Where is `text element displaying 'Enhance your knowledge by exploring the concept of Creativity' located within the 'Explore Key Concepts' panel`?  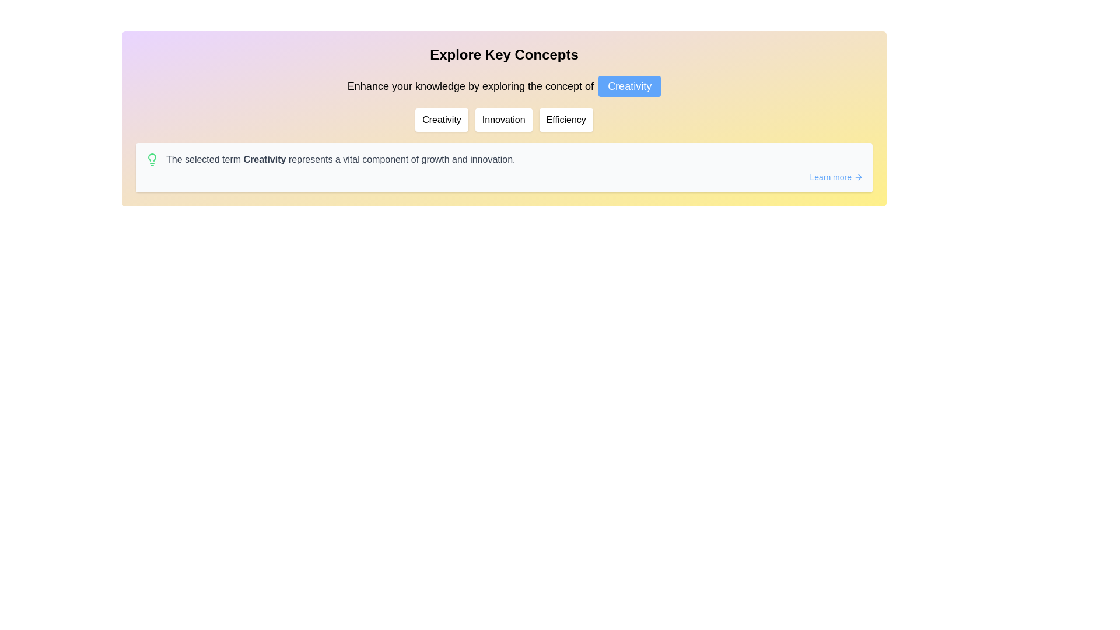 text element displaying 'Enhance your knowledge by exploring the concept of Creativity' located within the 'Explore Key Concepts' panel is located at coordinates (504, 85).